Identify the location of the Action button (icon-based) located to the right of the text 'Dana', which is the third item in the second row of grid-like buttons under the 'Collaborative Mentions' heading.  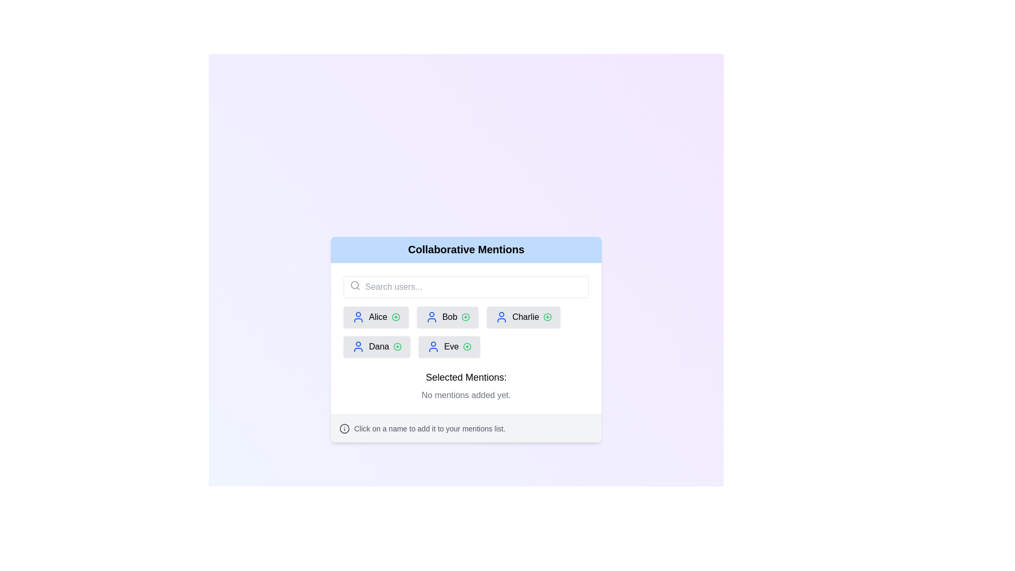
(397, 346).